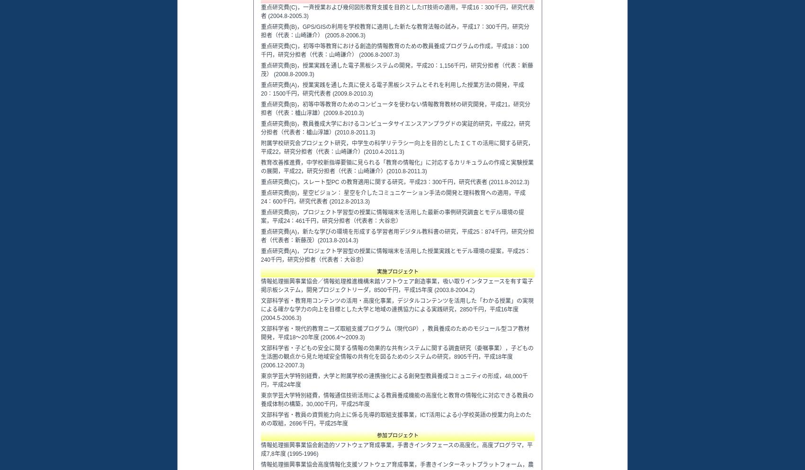 The image size is (805, 470). Describe the element at coordinates (395, 255) in the screenshot. I see `'重点研究費(A)，プロジェクト学習型の授業に情報端末を活用した授業実践とモデル環境の提案，平成25：240千円，研究分担者（代表者：大谷忠）'` at that location.